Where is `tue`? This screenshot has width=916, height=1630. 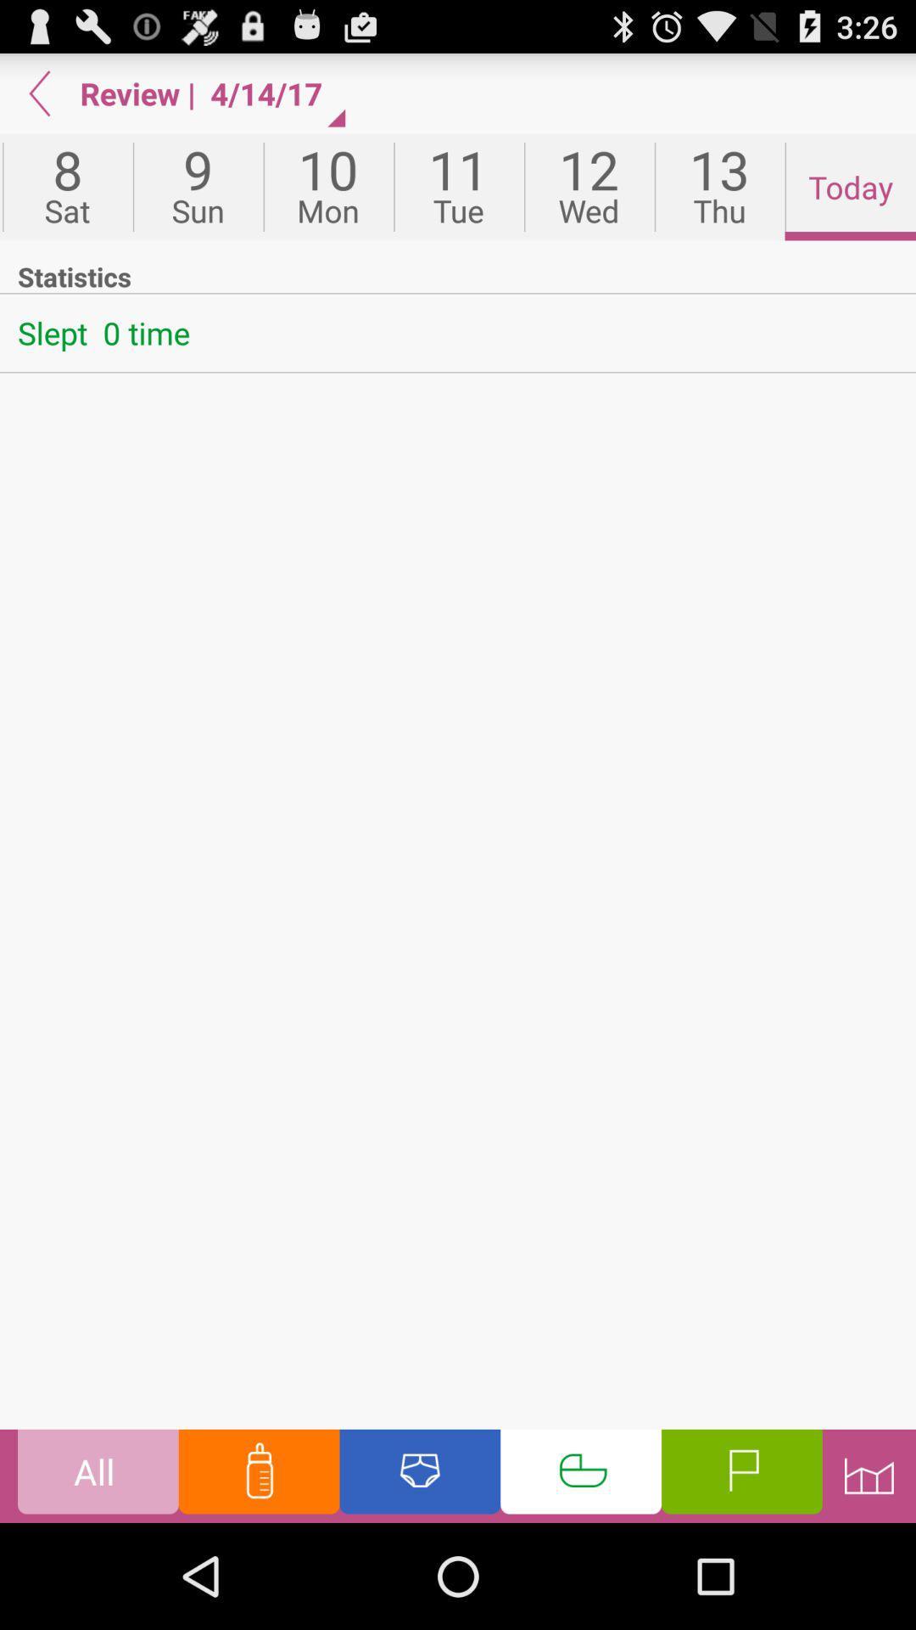 tue is located at coordinates (459, 187).